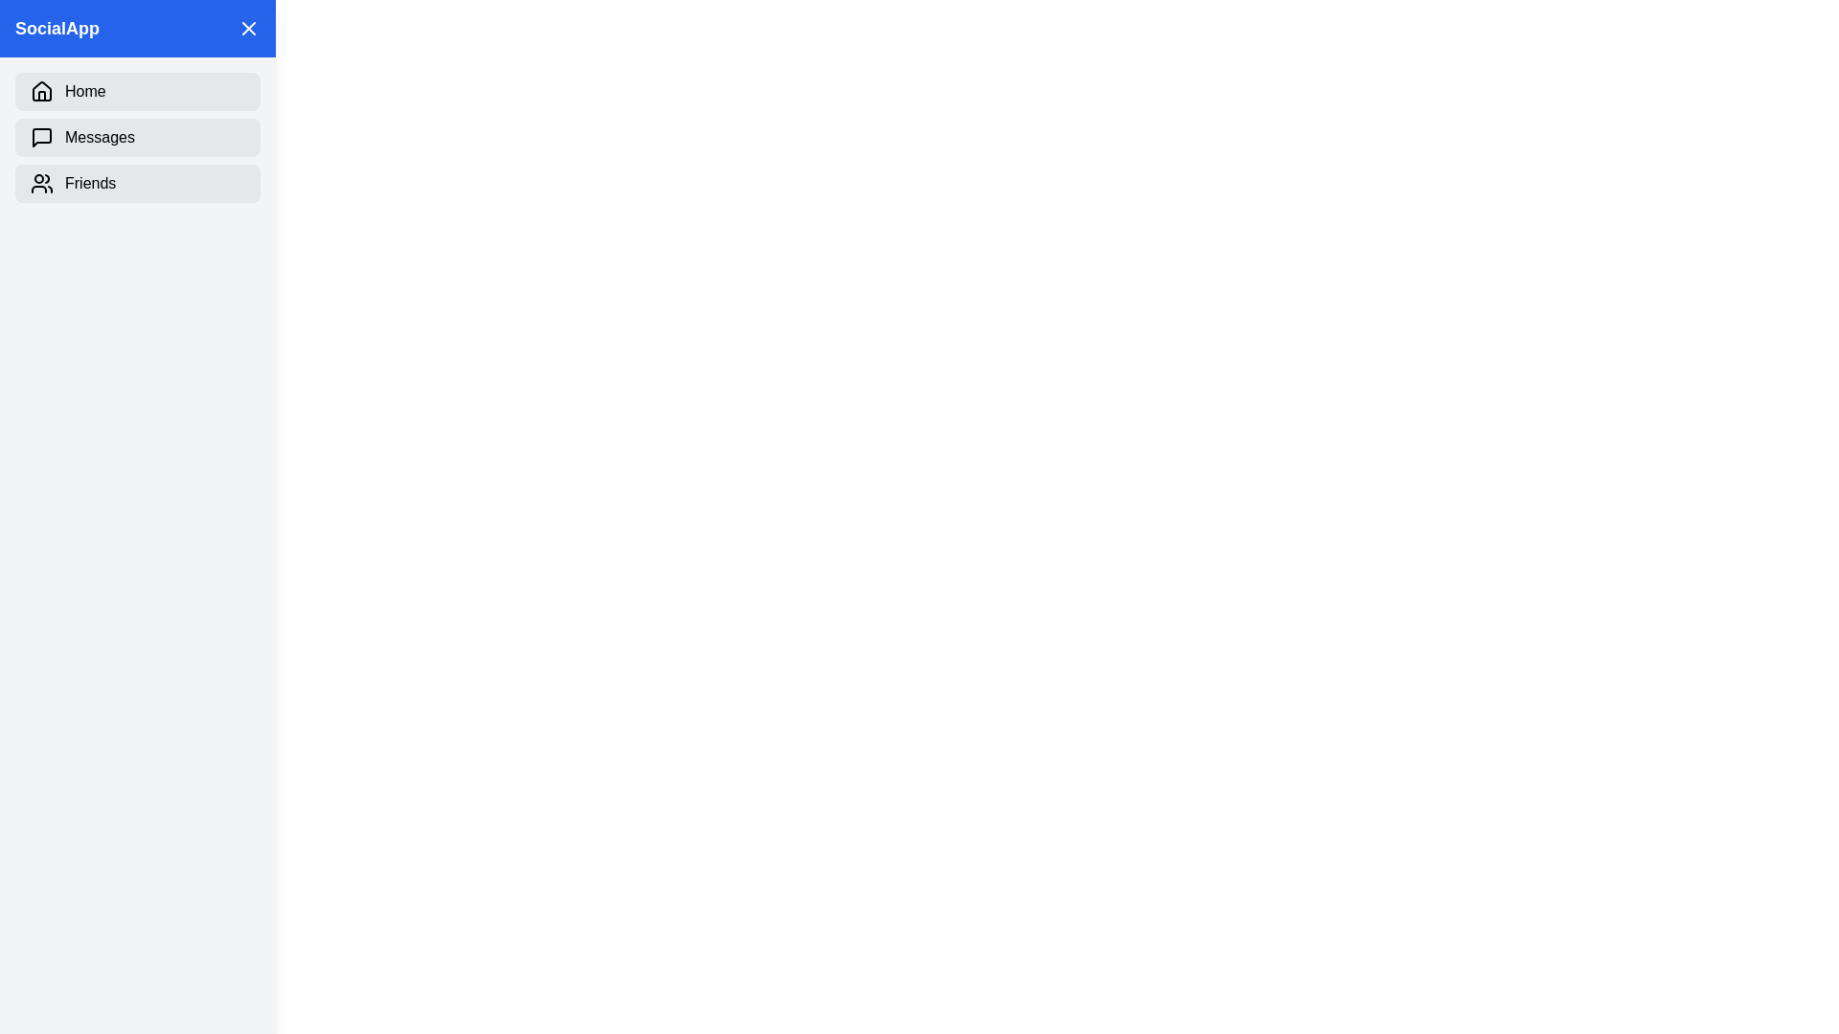 This screenshot has width=1839, height=1034. What do you see at coordinates (137, 184) in the screenshot?
I see `the navigation item labeled Friends in the sidebar to observe the hover effect` at bounding box center [137, 184].